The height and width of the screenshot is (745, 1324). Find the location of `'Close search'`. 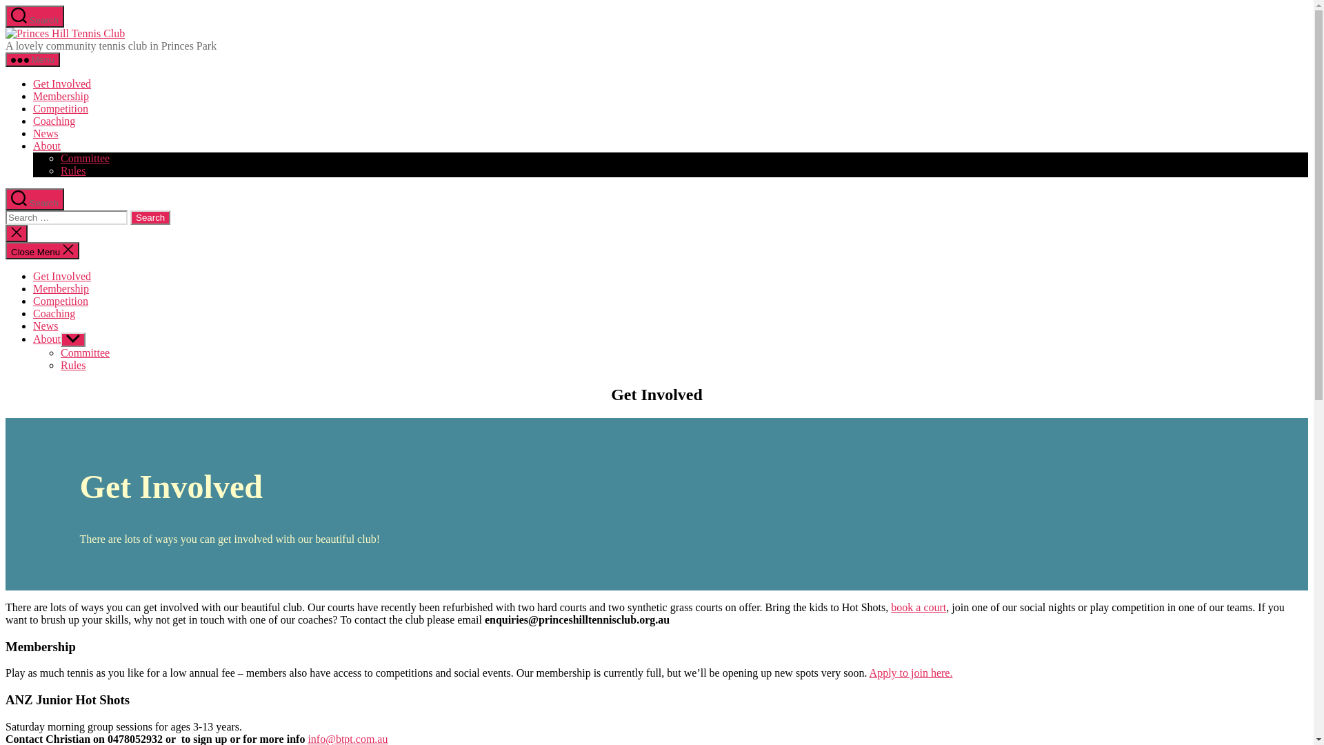

'Close search' is located at coordinates (17, 232).